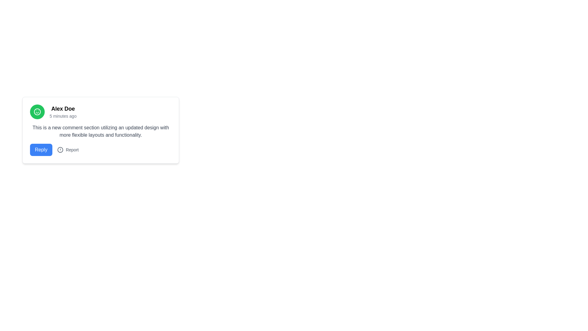  What do you see at coordinates (63, 108) in the screenshot?
I see `the text element that displays the name of the individual associated with the comment, located at the top right of the avatar icon and above the time elapsed since the comment was posted` at bounding box center [63, 108].